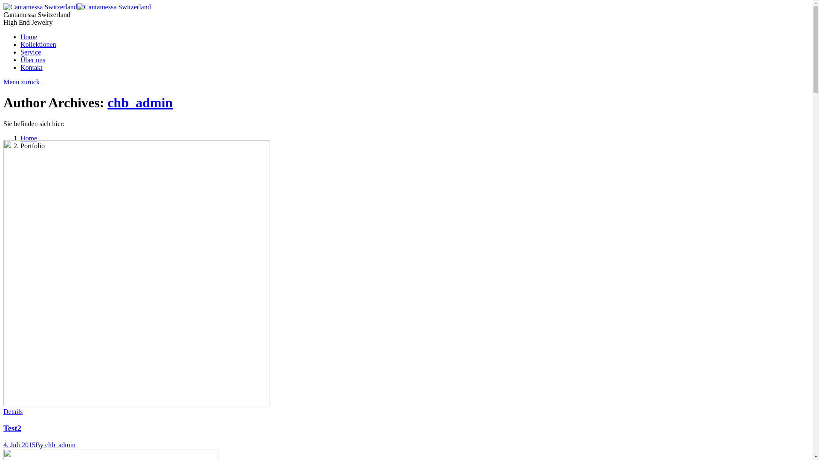 This screenshot has height=460, width=819. I want to click on 'Home', so click(29, 36).